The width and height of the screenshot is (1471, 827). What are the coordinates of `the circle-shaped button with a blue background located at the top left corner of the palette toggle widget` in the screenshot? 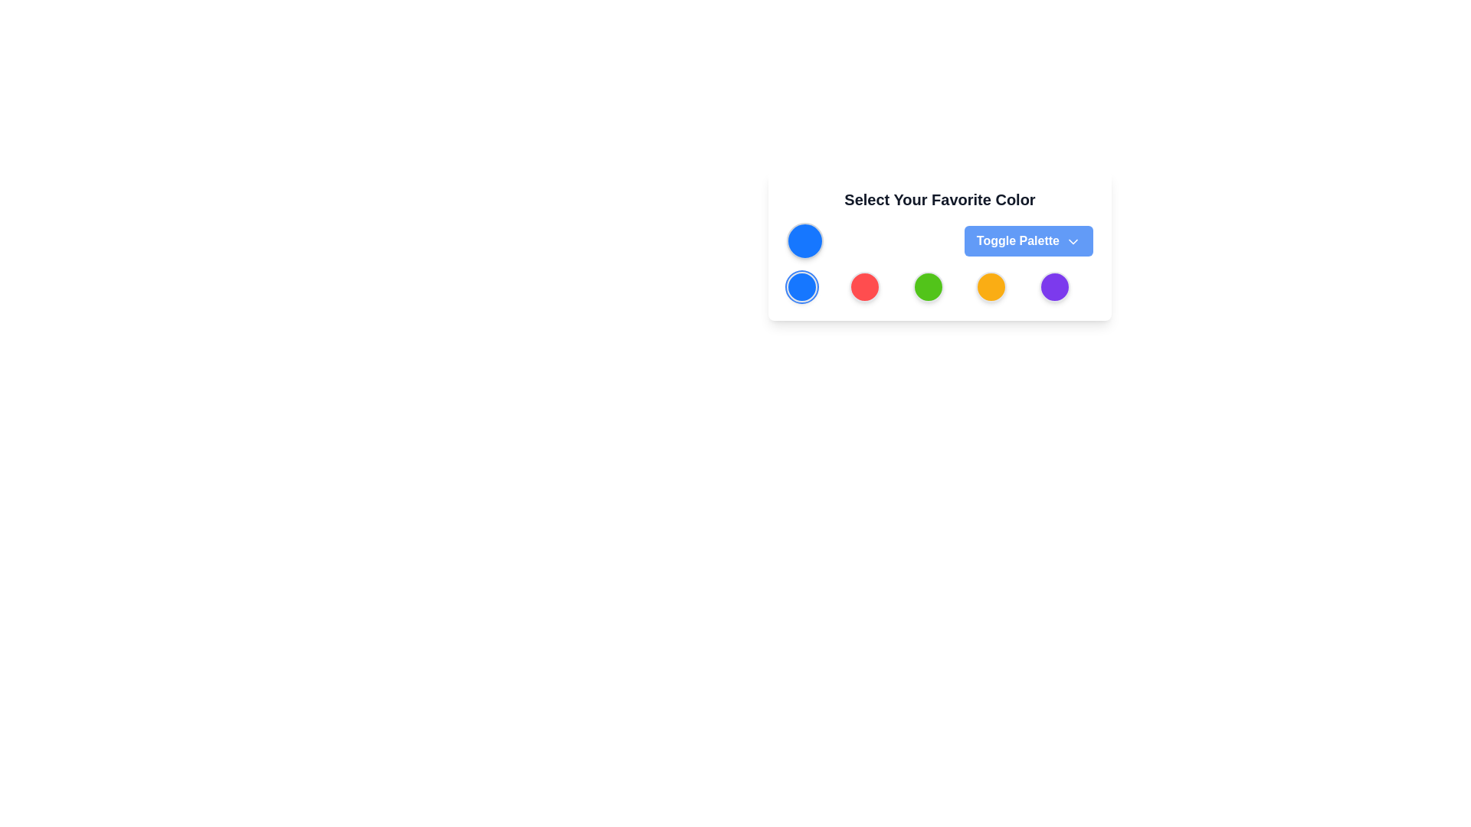 It's located at (804, 241).